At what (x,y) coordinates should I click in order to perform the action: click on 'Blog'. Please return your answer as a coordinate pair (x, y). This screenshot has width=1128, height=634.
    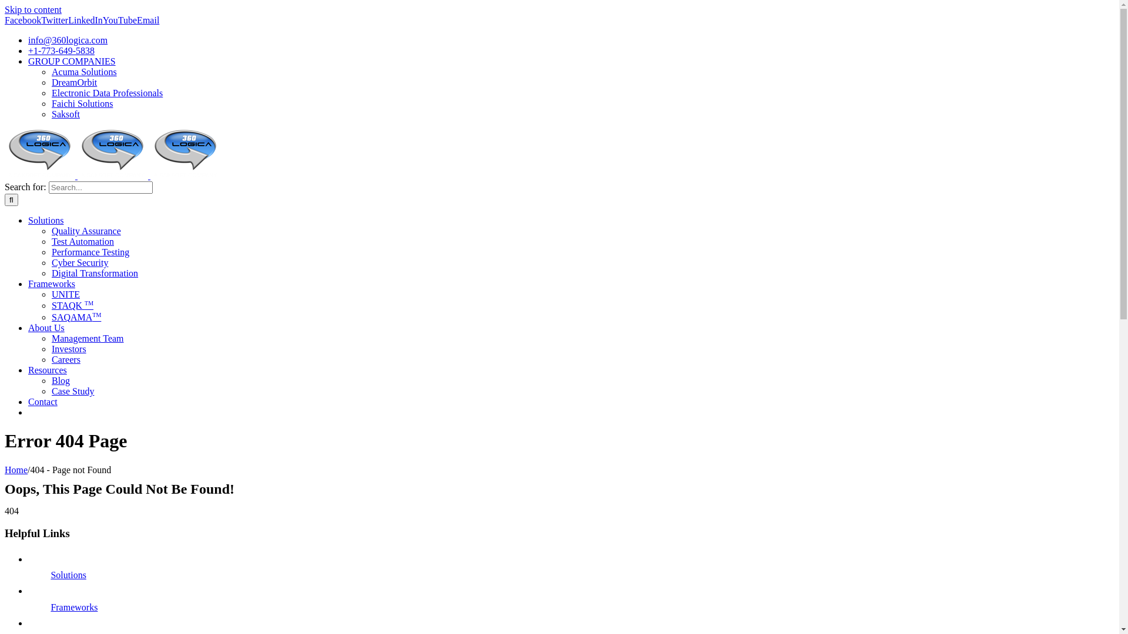
    Looking at the image, I should click on (60, 380).